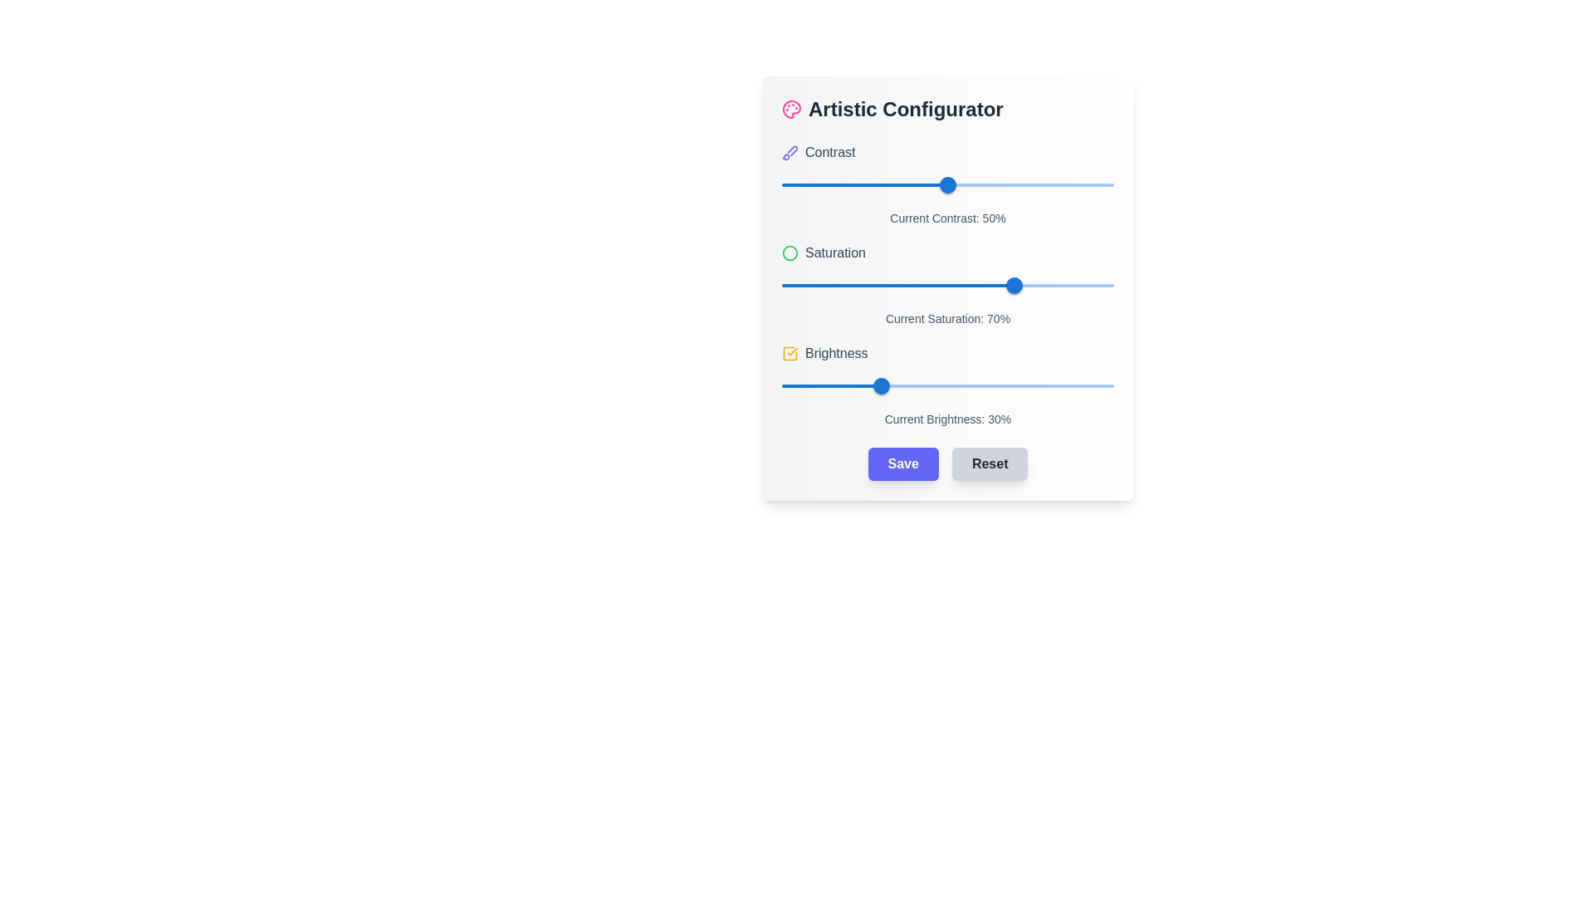 This screenshot has height=897, width=1594. I want to click on the small graphical paintbrush icon located to the top-left side of the 'Artistic Configurator' interface, preceding the 'Contrast' label, so click(792, 150).